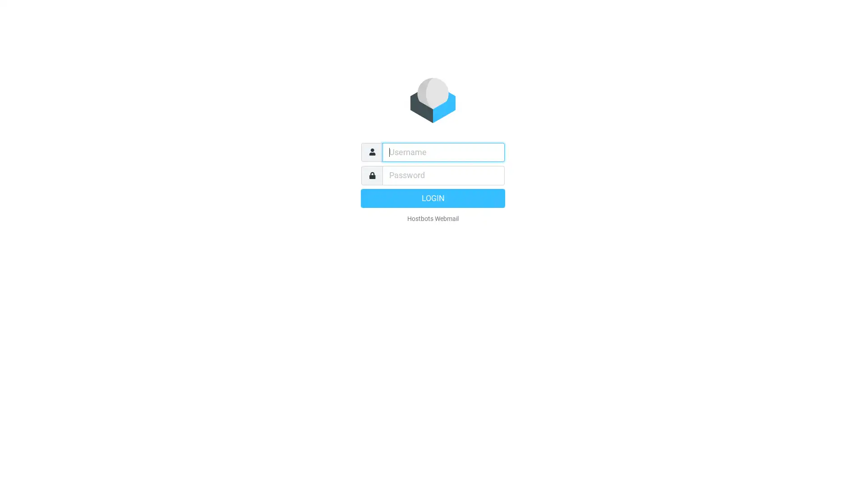 The height and width of the screenshot is (487, 866). I want to click on LOGIN, so click(433, 198).